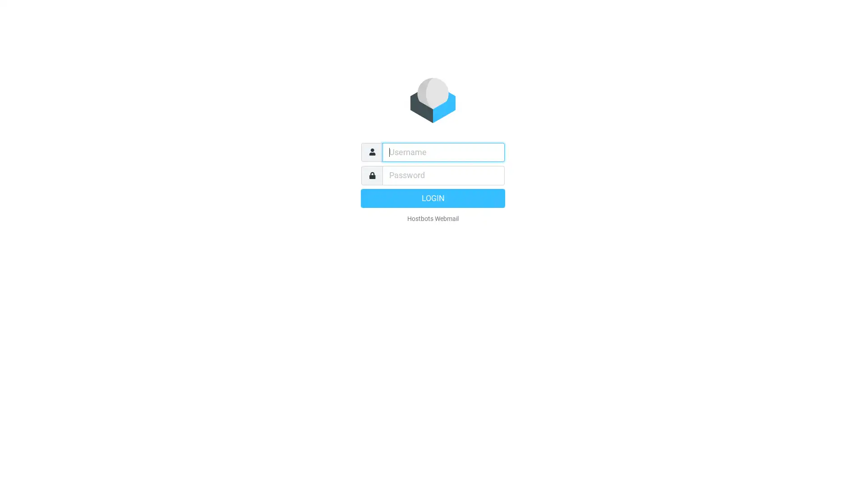 The height and width of the screenshot is (487, 866). I want to click on LOGIN, so click(433, 198).